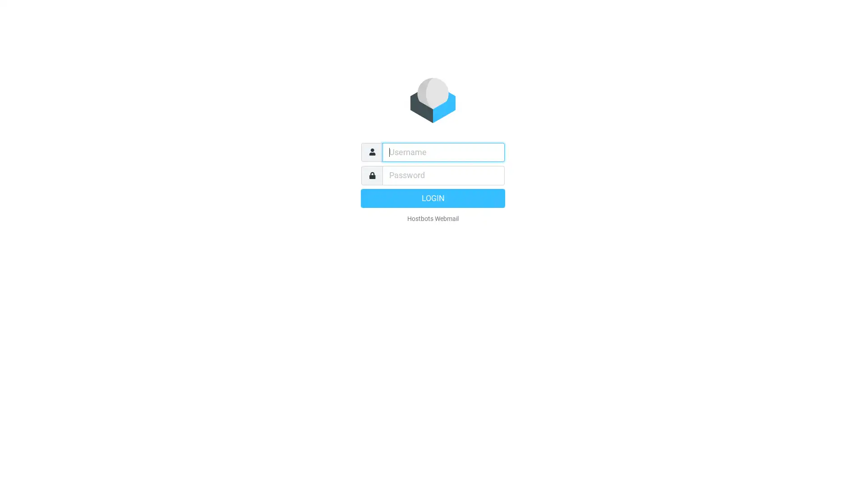 The height and width of the screenshot is (487, 866). I want to click on LOGIN, so click(433, 198).